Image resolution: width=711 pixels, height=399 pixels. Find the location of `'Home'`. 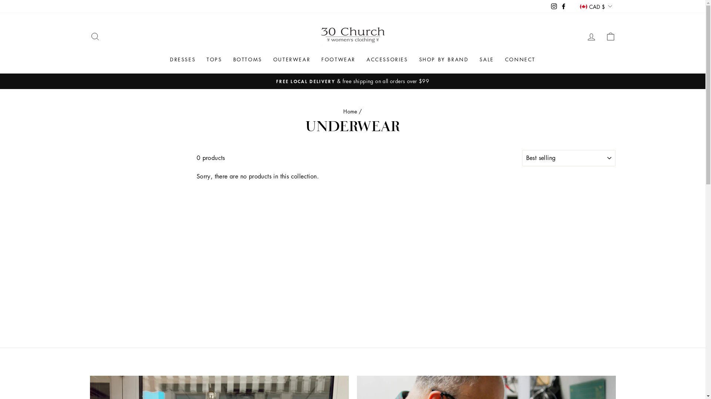

'Home' is located at coordinates (350, 111).